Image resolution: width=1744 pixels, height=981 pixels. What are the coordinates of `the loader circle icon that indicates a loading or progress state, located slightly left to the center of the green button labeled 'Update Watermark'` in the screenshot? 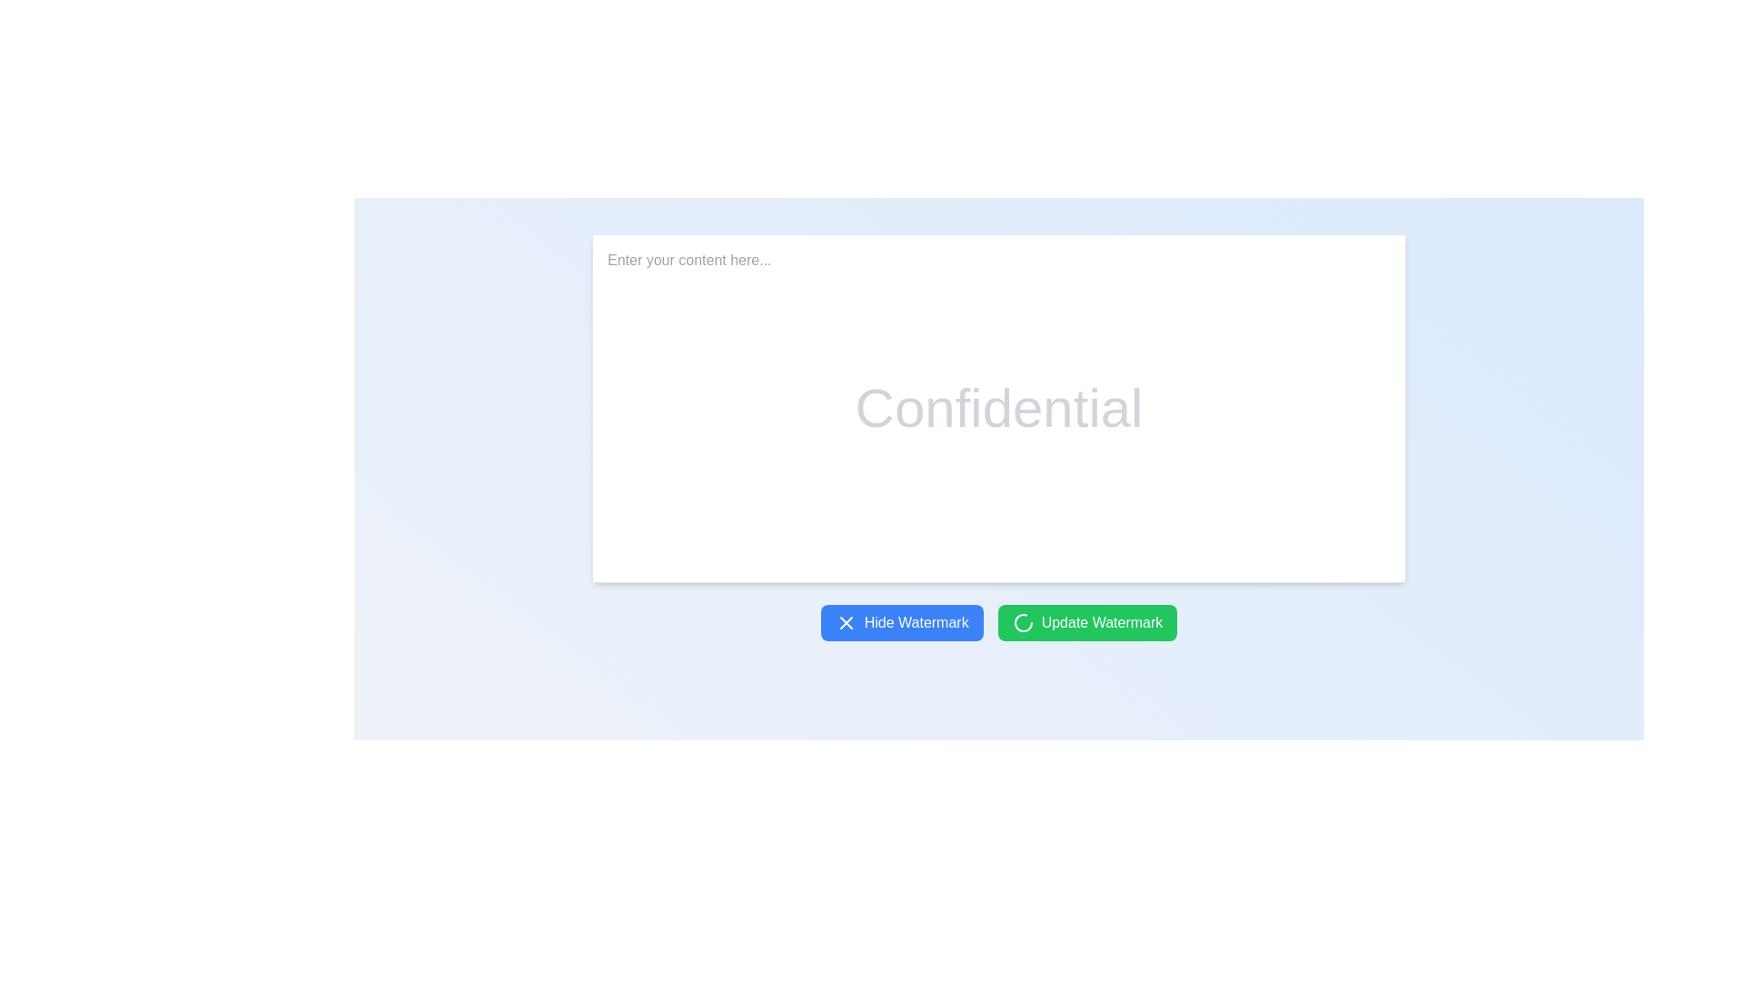 It's located at (1023, 622).